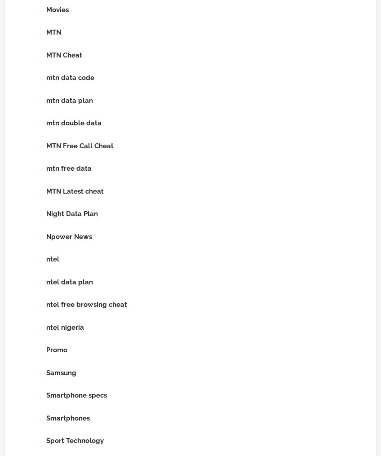 The height and width of the screenshot is (456, 381). I want to click on 'ntel nigeria', so click(65, 326).